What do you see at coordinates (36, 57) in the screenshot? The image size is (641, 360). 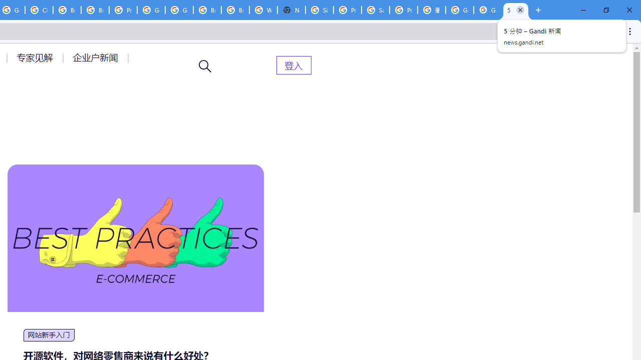 I see `'AutomationID: menu-item-77764'` at bounding box center [36, 57].